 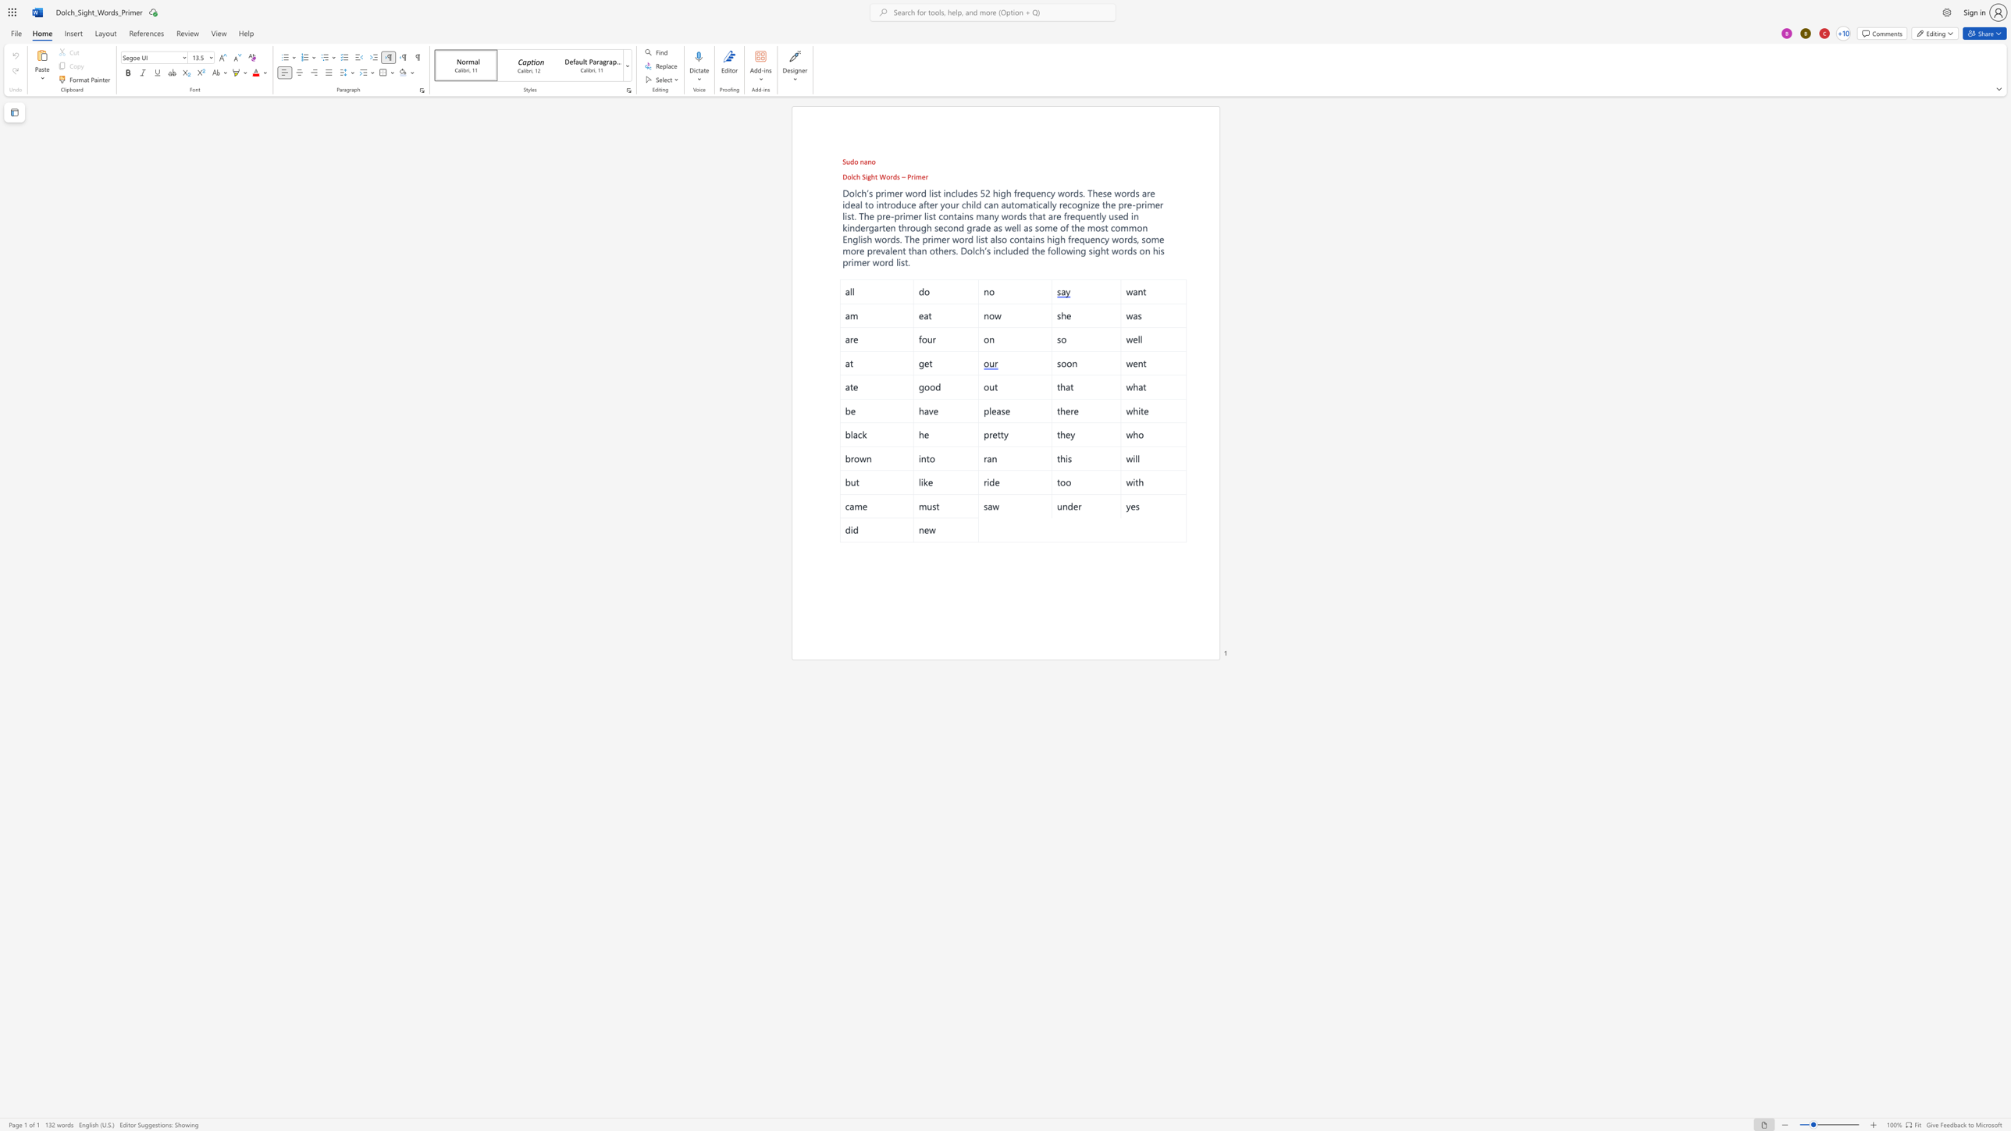 What do you see at coordinates (870, 176) in the screenshot?
I see `the space between the continuous character "g" and "h" in the text` at bounding box center [870, 176].